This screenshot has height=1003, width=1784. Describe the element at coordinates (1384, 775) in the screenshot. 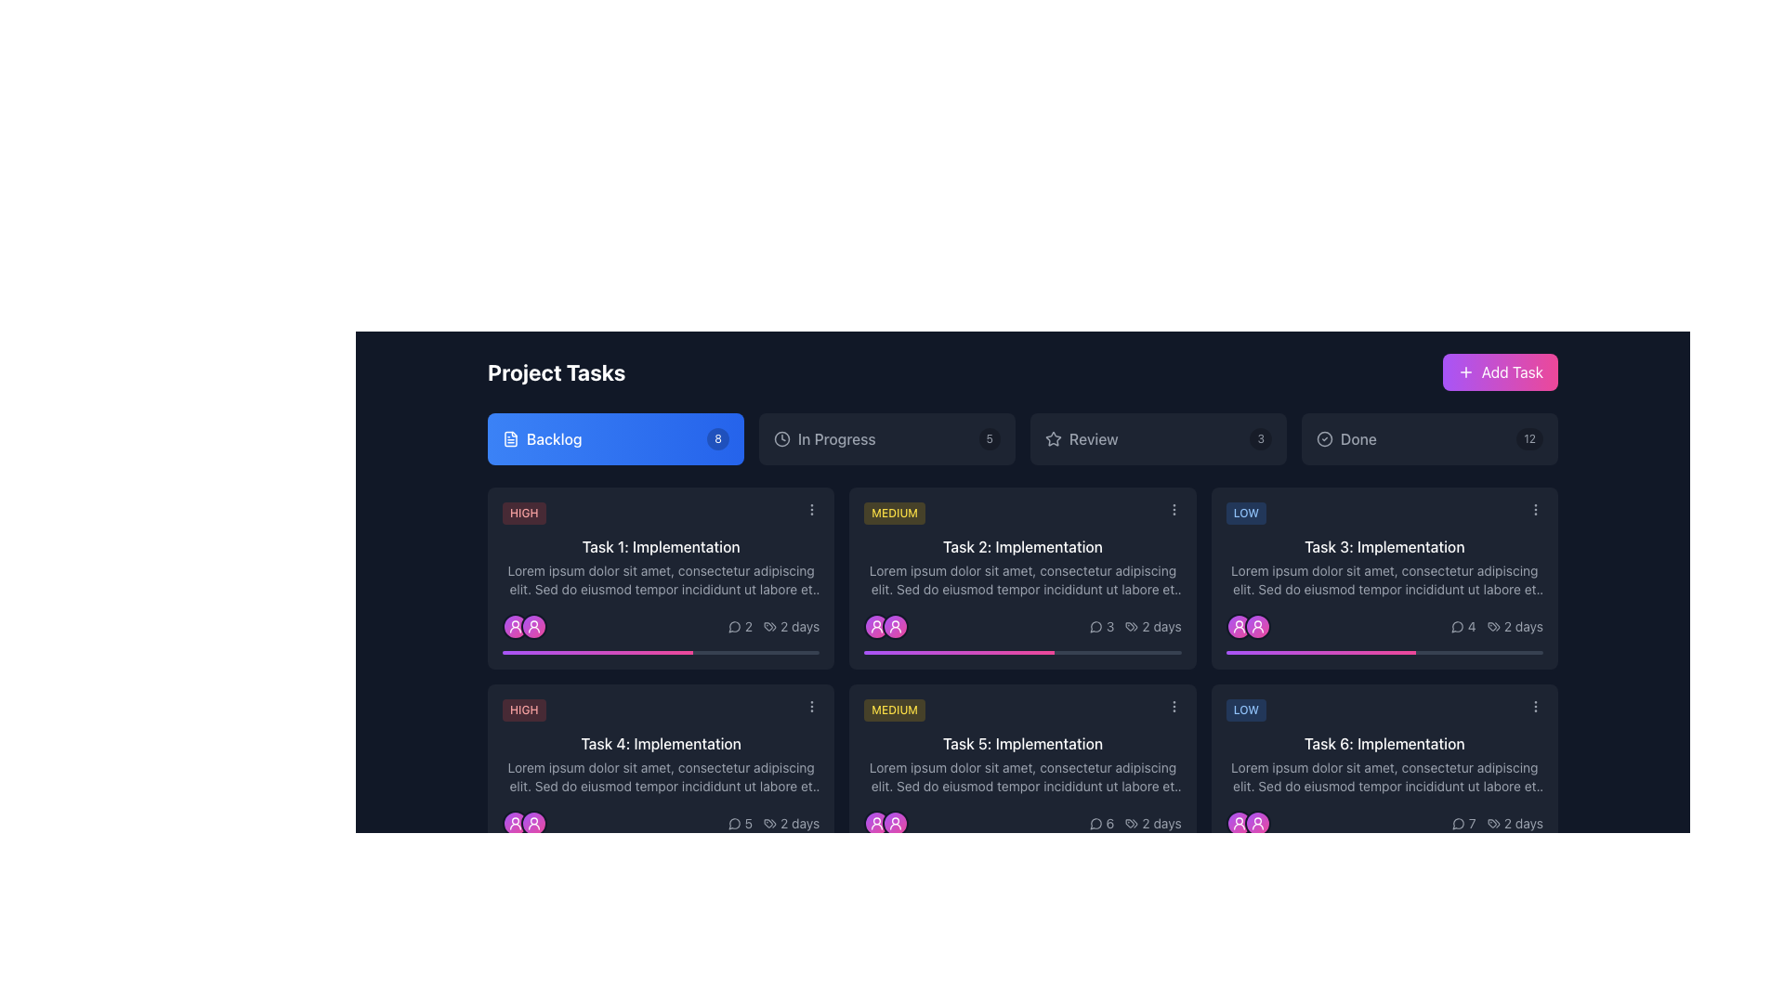

I see `to select the card representing 'Task 6: Implementation' with a dark background, located at the bottom-right of the grid layout` at that location.